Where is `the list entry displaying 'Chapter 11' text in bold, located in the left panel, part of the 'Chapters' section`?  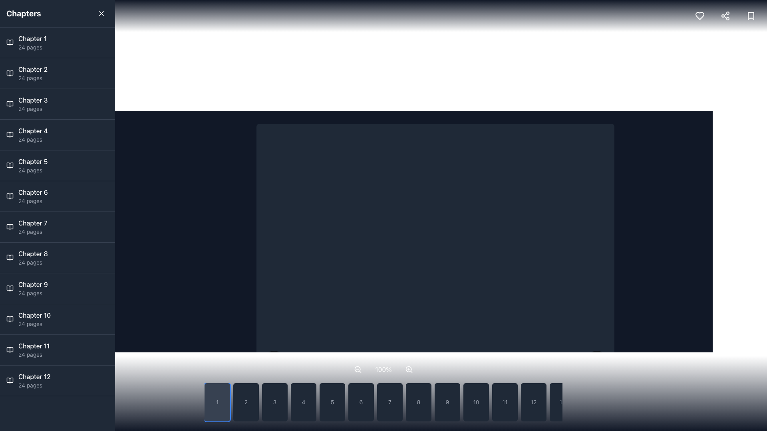
the list entry displaying 'Chapter 11' text in bold, located in the left panel, part of the 'Chapters' section is located at coordinates (34, 349).